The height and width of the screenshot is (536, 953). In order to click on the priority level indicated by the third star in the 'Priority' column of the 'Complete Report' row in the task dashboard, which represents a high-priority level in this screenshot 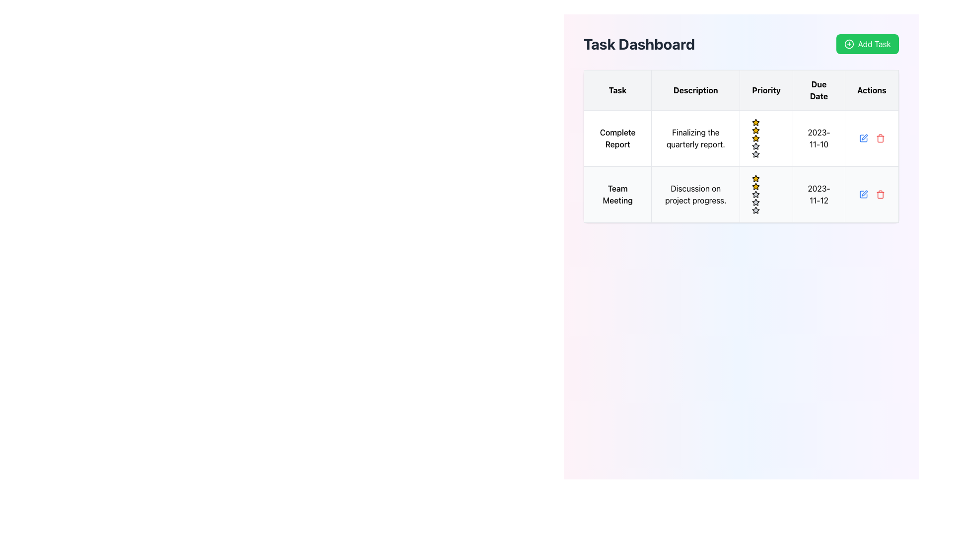, I will do `click(755, 130)`.